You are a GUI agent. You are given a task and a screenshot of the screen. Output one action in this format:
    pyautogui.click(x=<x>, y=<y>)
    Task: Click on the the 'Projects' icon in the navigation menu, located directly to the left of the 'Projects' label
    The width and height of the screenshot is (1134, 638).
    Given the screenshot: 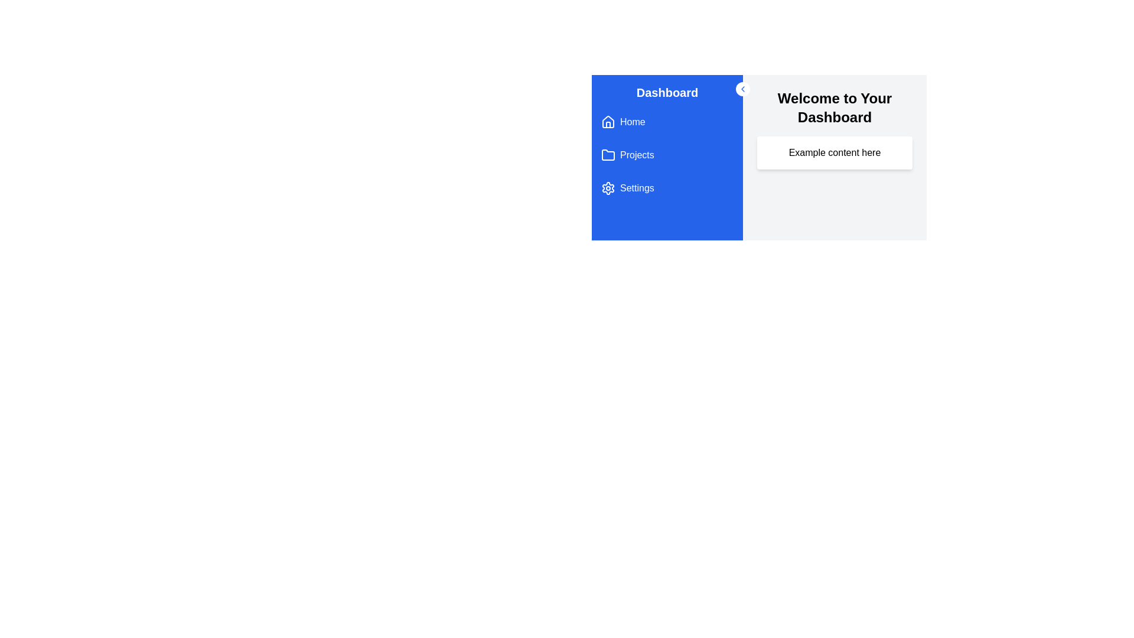 What is the action you would take?
    pyautogui.click(x=608, y=154)
    